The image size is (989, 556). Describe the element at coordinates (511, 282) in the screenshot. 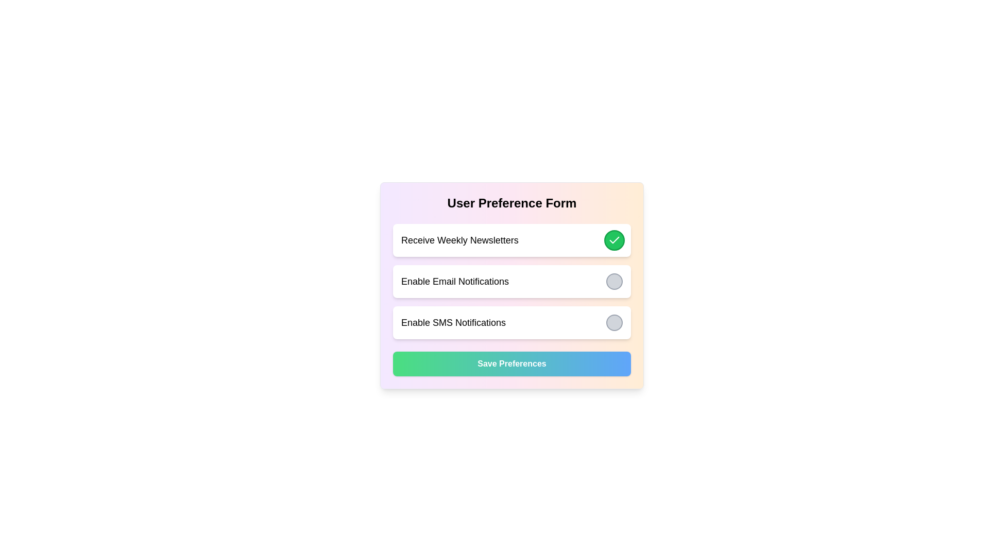

I see `the 'Enable Email Notifications' toggle option section` at that location.